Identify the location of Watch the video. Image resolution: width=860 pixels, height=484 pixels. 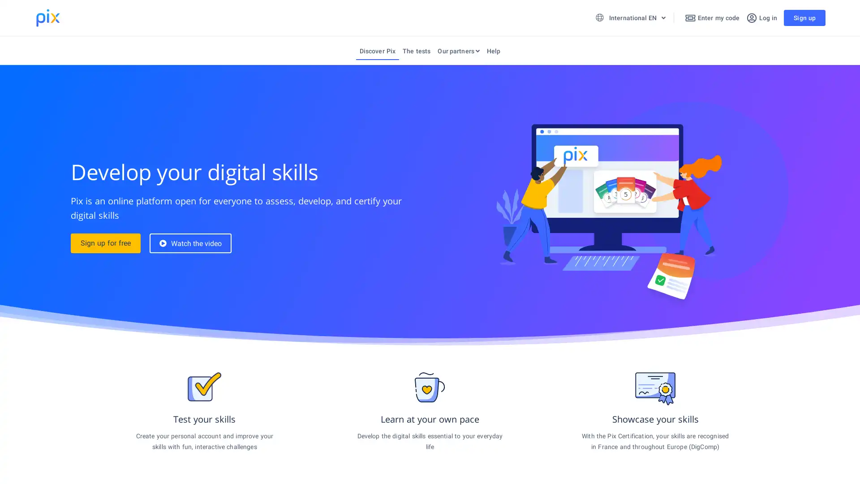
(190, 243).